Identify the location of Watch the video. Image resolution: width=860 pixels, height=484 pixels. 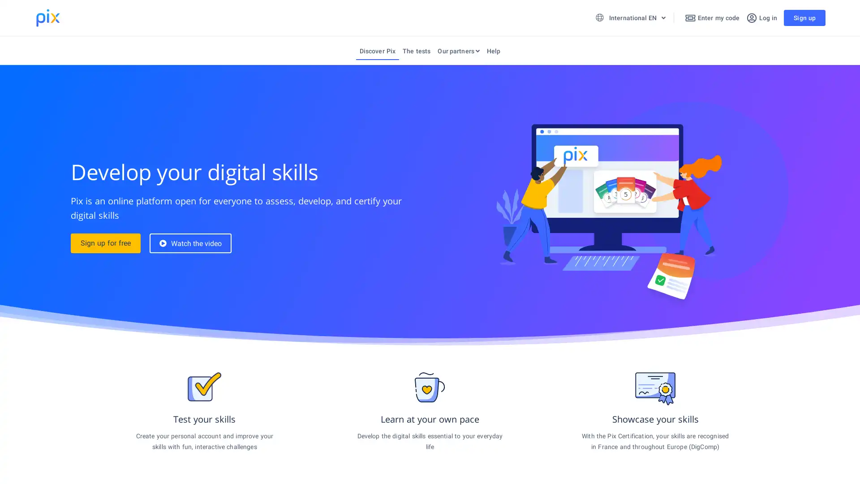
(190, 243).